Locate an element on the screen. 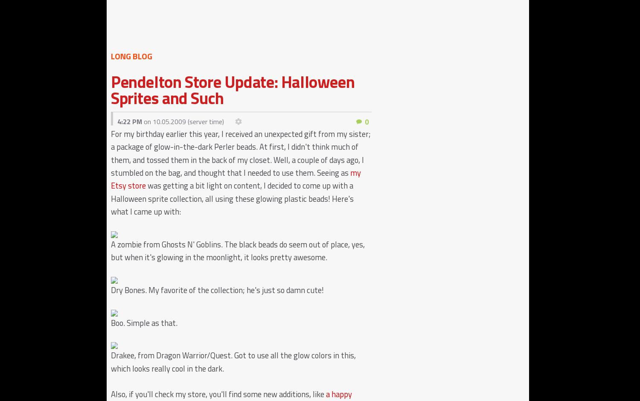  'my Etsy store' is located at coordinates (111, 179).